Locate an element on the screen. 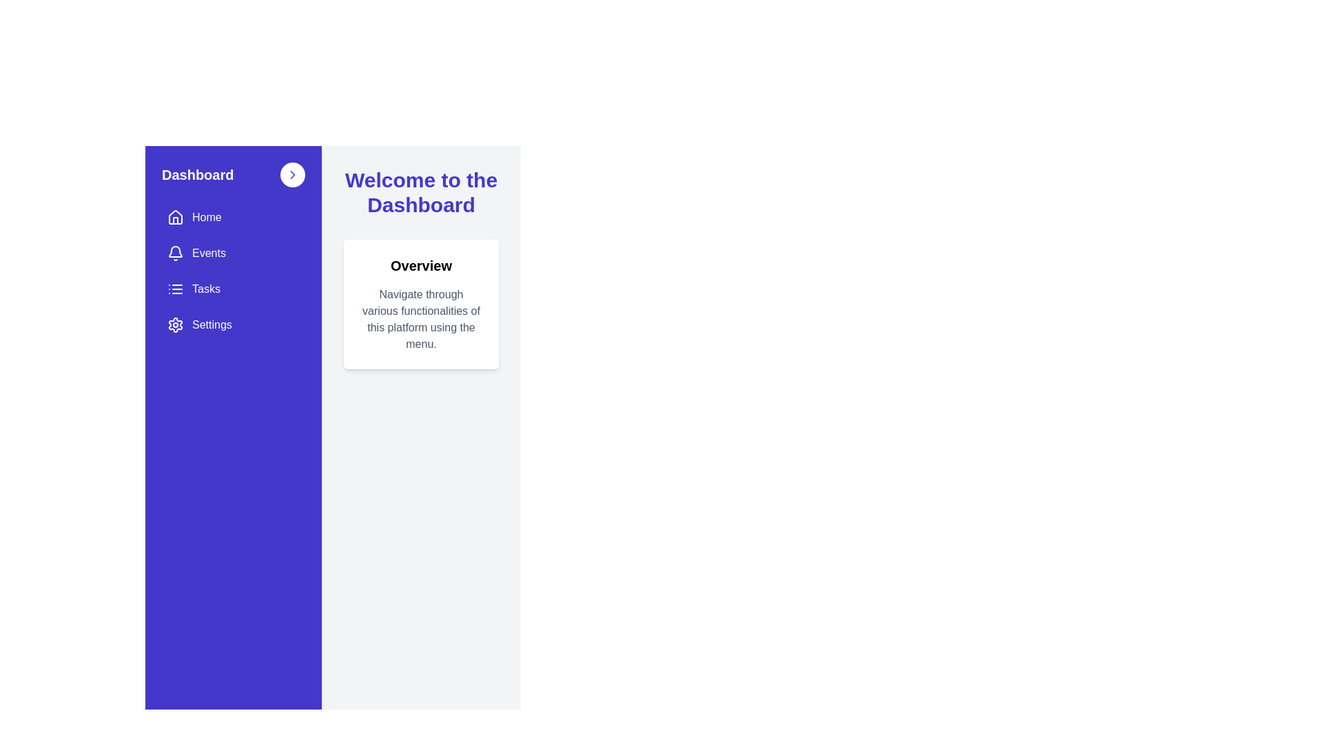 Image resolution: width=1323 pixels, height=744 pixels. the bell icon in the sidebar menu associated with the 'Events' menu item is located at coordinates (174, 251).